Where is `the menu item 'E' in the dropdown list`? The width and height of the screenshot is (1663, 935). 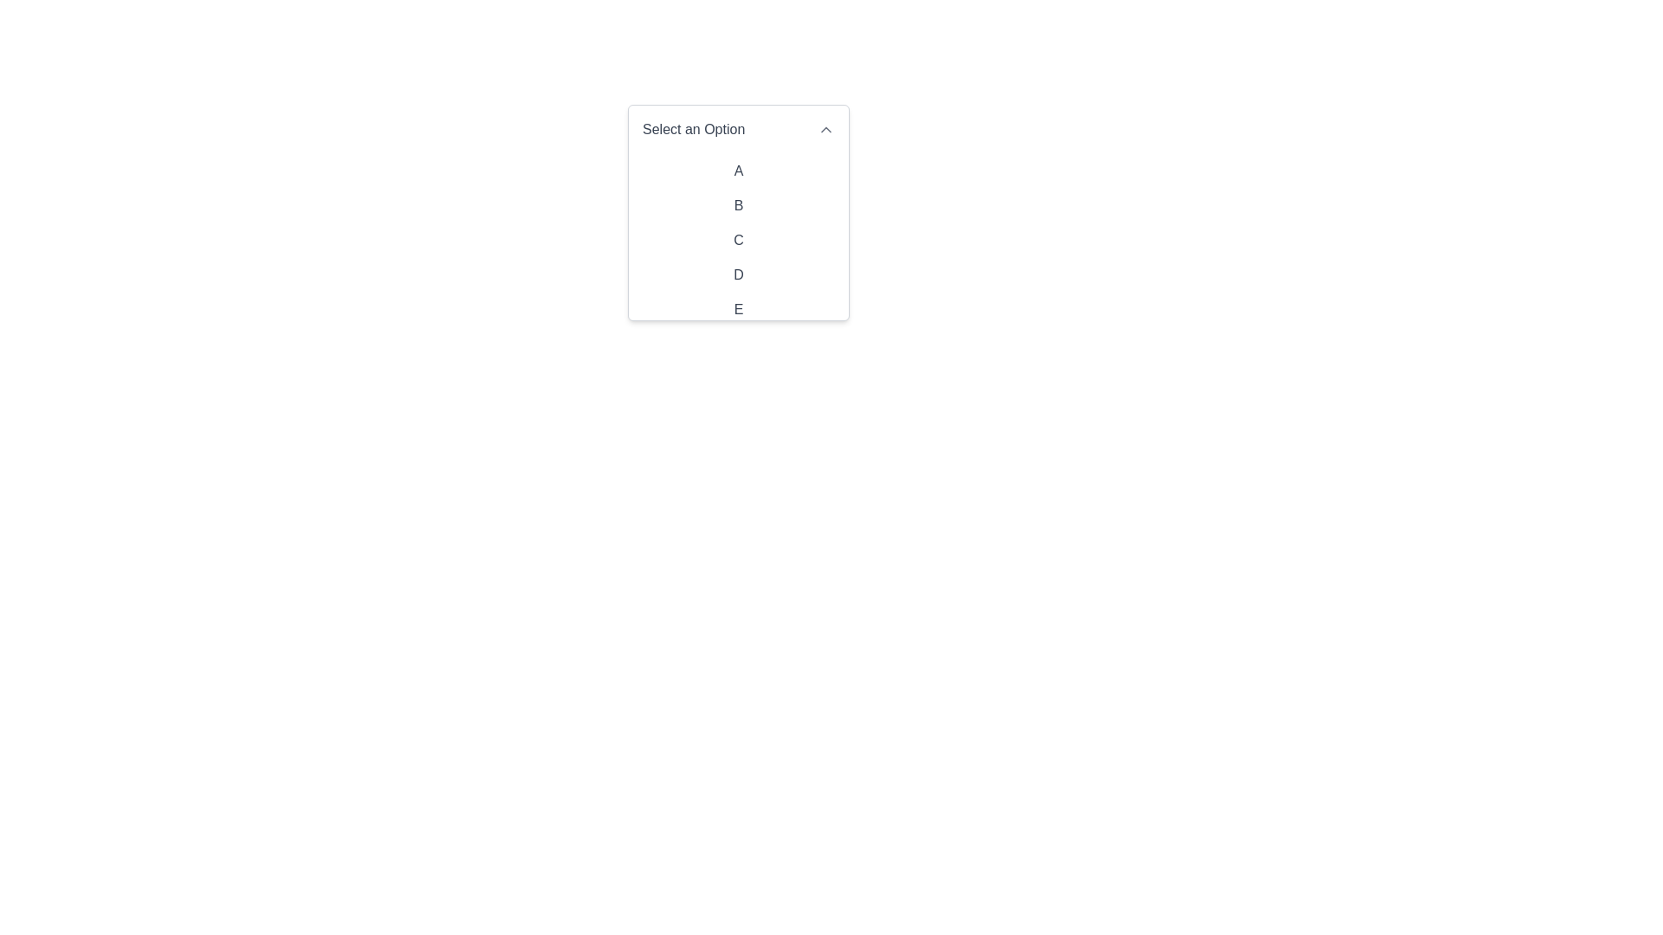 the menu item 'E' in the dropdown list is located at coordinates (739, 309).